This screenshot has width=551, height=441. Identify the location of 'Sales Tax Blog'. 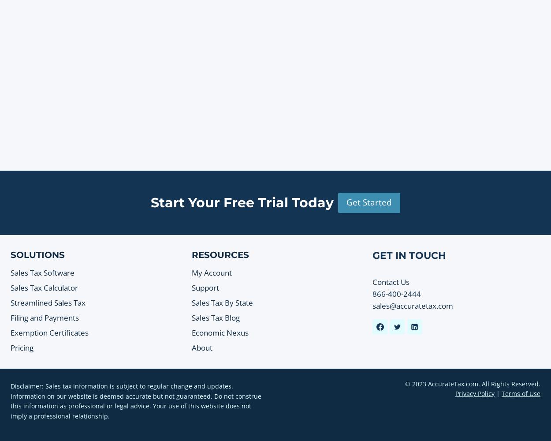
(215, 317).